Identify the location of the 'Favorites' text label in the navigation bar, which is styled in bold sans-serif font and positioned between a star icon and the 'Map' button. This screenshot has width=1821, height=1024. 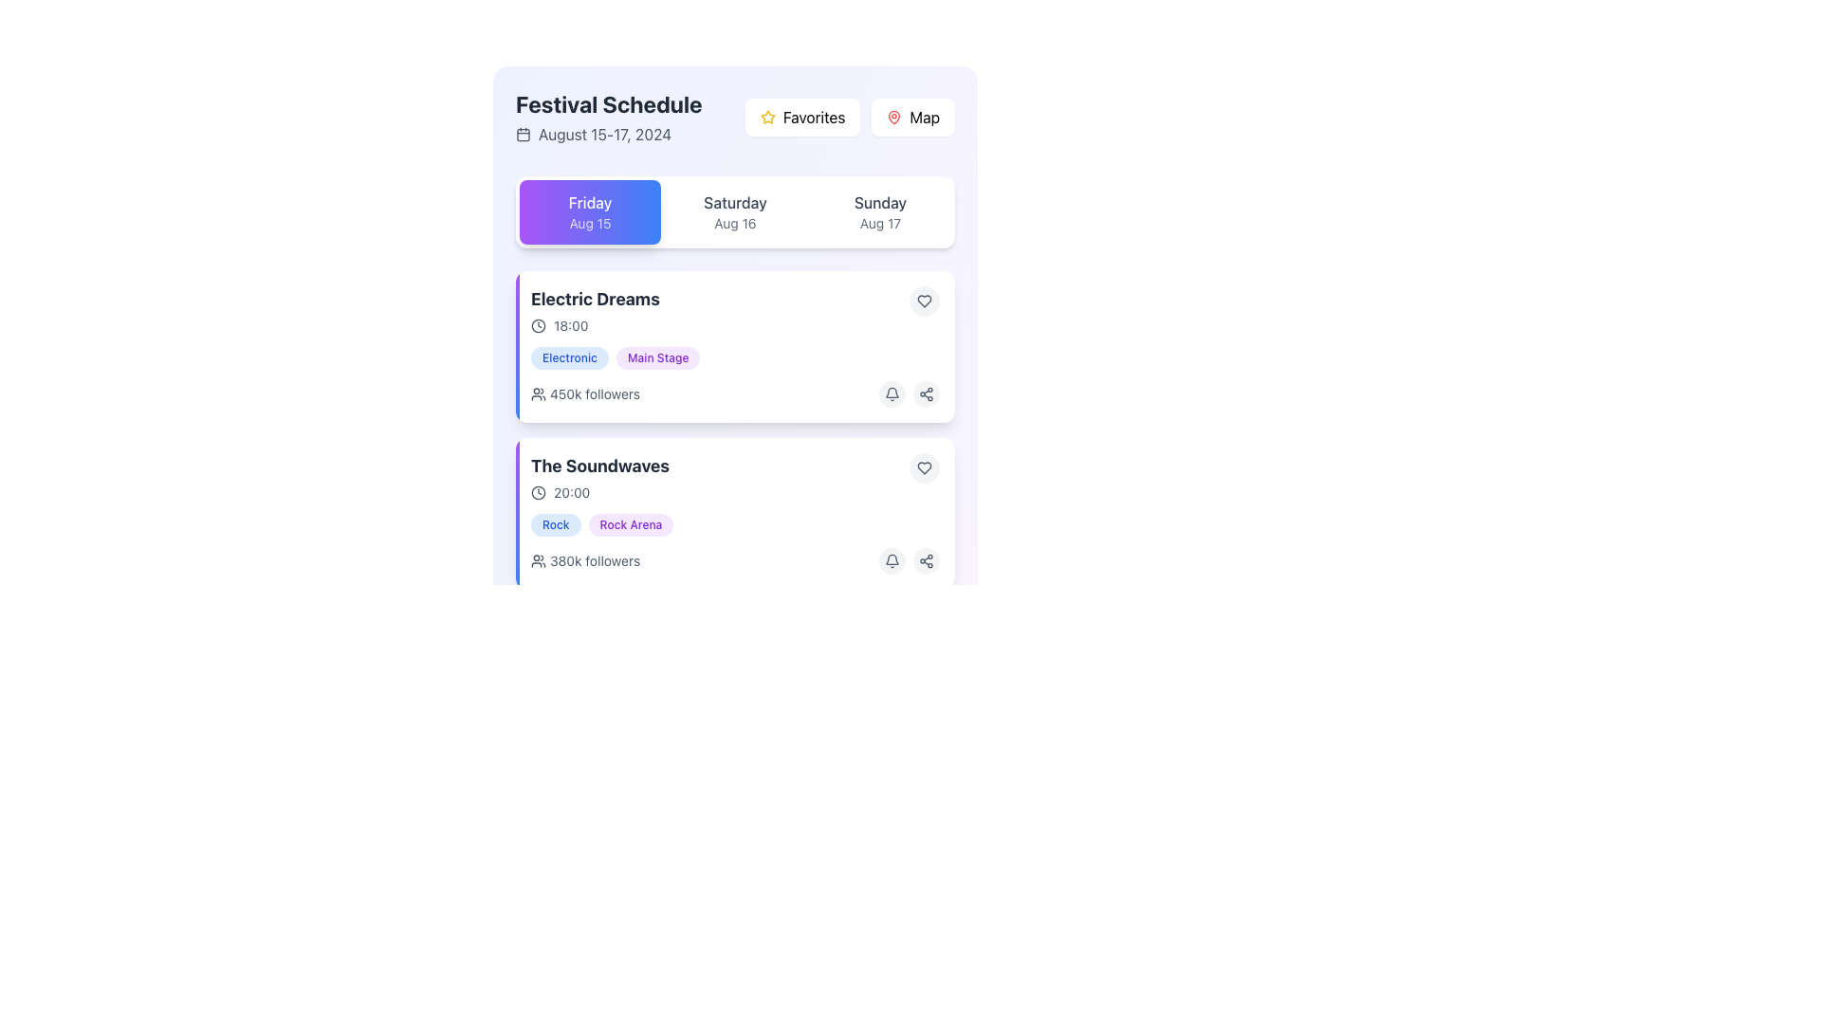
(814, 117).